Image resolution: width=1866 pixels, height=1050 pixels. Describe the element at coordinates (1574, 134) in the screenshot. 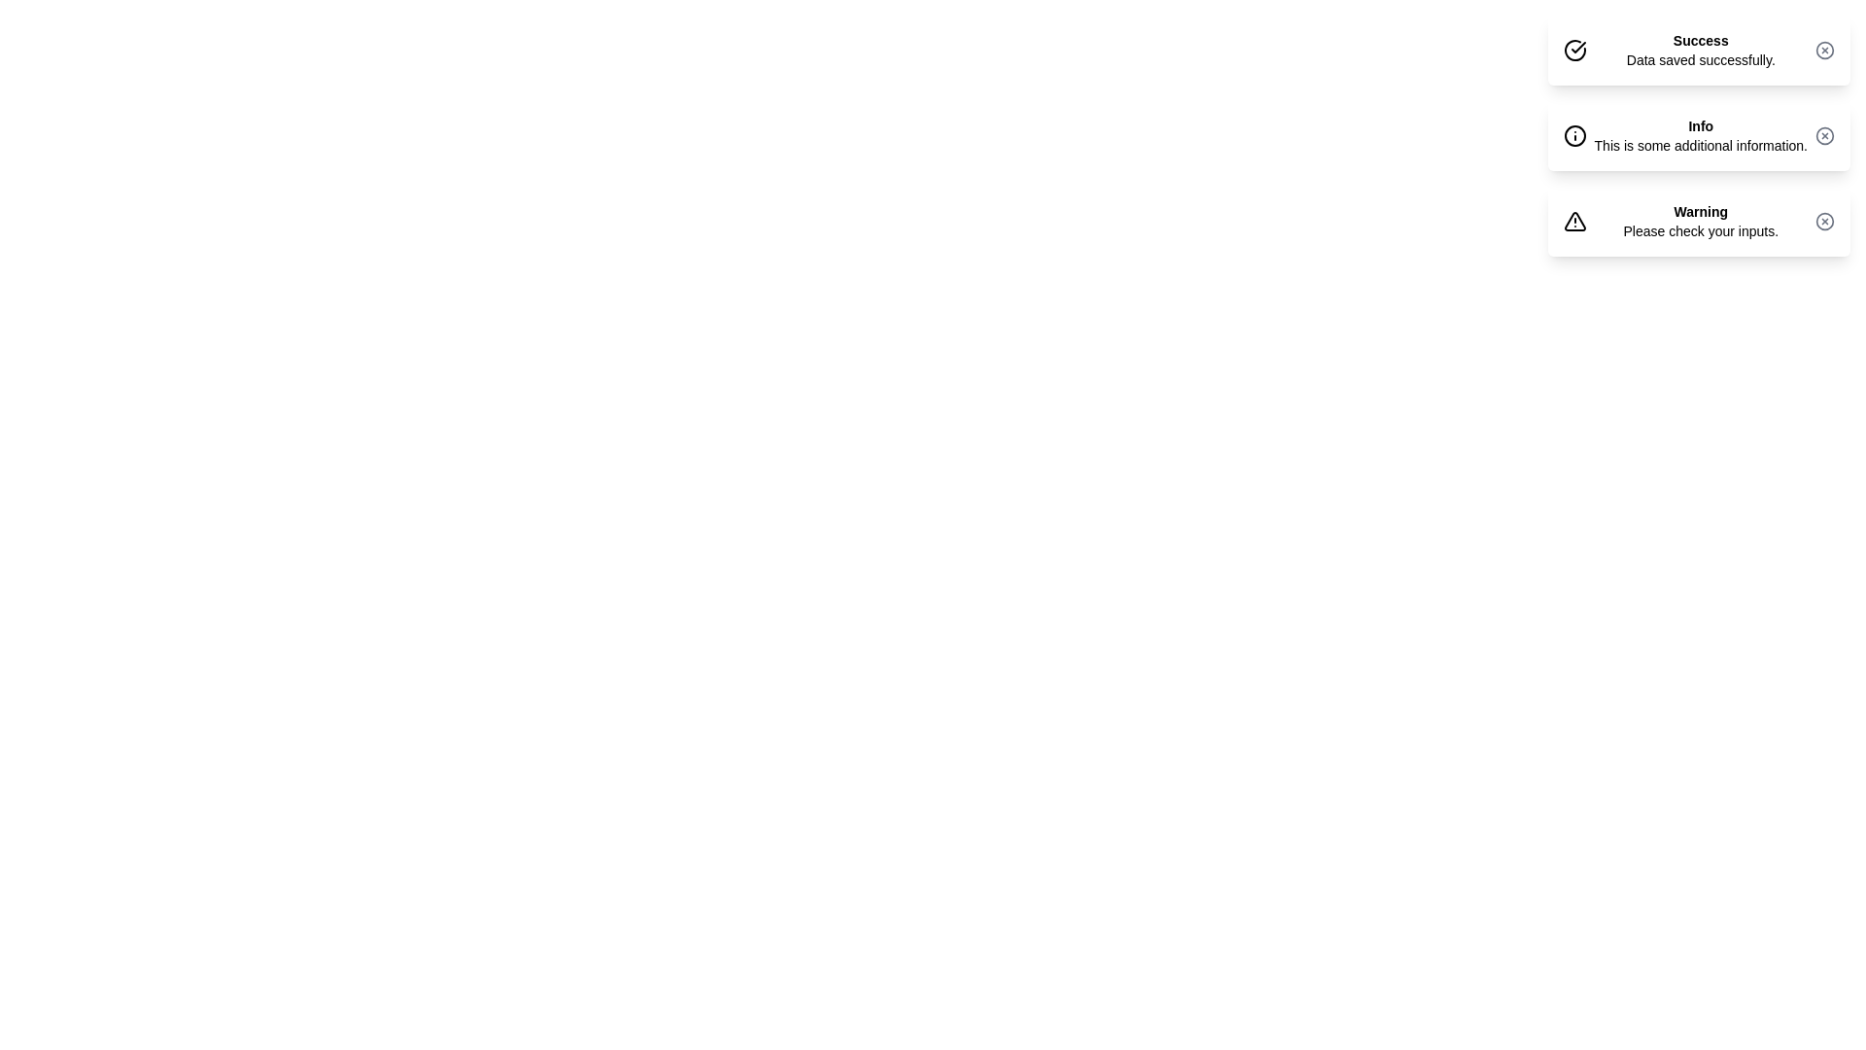

I see `the outer boundary circle of the information icon, which is styled with no fill and a black stroke, located second in the vertical list of alert messages on the right side of the interface` at that location.